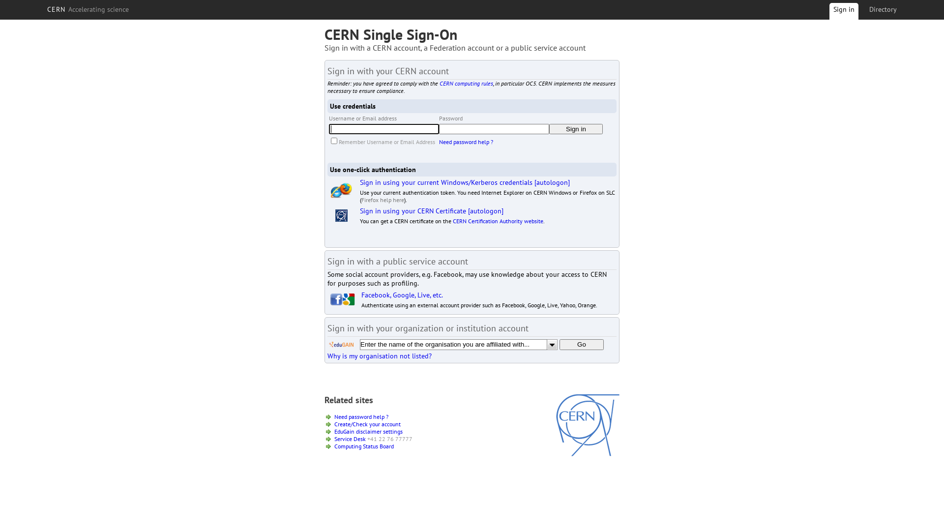 Image resolution: width=944 pixels, height=531 pixels. I want to click on 'Need password help ?', so click(465, 142).